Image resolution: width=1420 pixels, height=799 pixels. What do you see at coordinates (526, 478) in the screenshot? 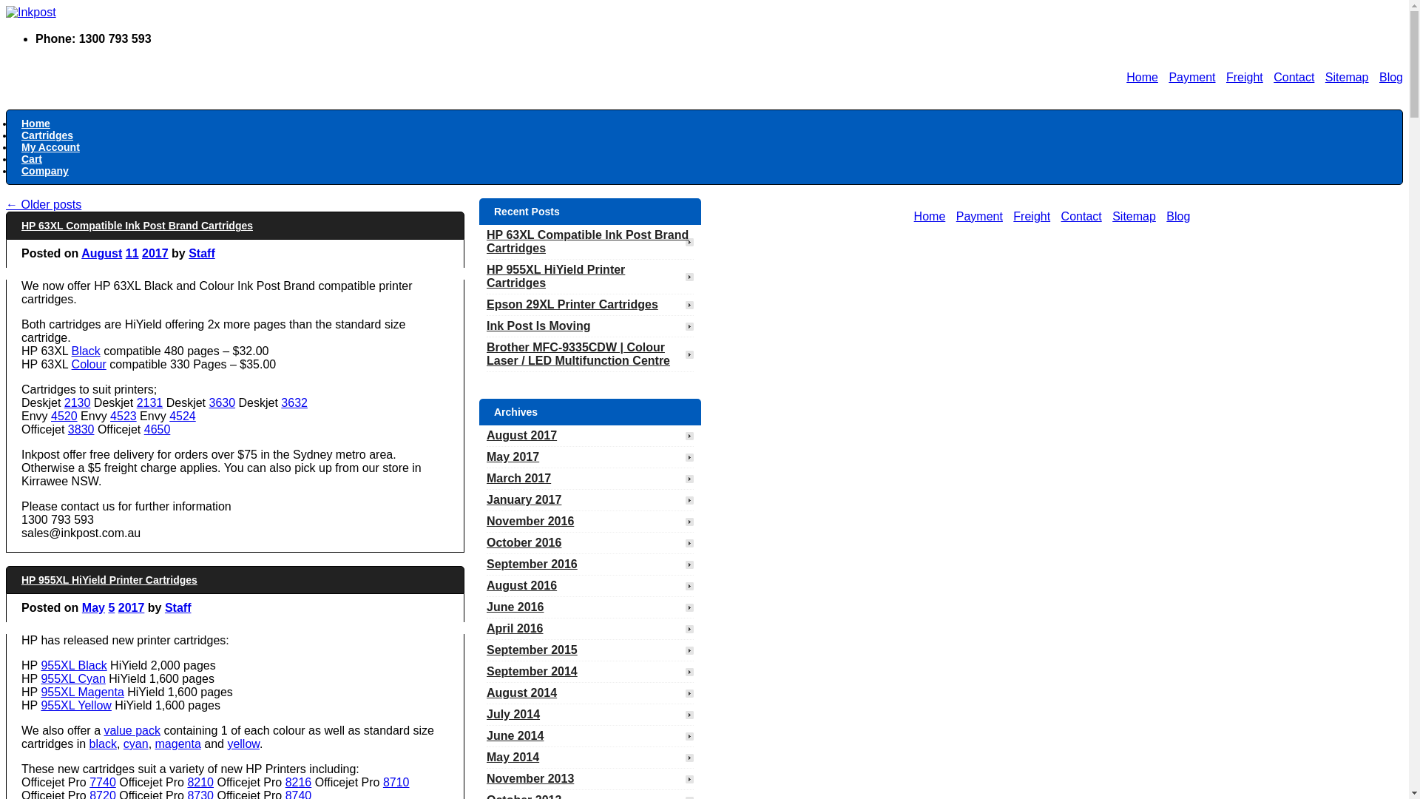
I see `'March 2017'` at bounding box center [526, 478].